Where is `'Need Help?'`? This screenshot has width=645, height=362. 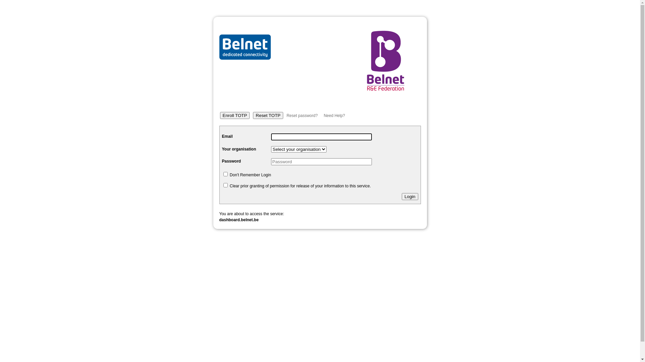
'Need Help?' is located at coordinates (324, 115).